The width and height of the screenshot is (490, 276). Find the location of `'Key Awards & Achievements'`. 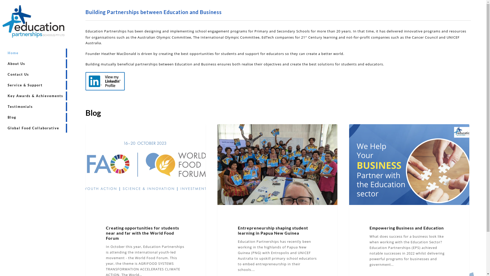

'Key Awards & Achievements' is located at coordinates (35, 96).